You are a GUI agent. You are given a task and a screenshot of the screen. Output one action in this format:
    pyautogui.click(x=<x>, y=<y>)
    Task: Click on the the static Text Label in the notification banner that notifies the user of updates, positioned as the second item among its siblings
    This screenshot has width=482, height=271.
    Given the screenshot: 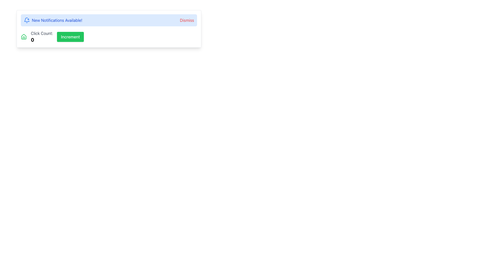 What is the action you would take?
    pyautogui.click(x=57, y=20)
    